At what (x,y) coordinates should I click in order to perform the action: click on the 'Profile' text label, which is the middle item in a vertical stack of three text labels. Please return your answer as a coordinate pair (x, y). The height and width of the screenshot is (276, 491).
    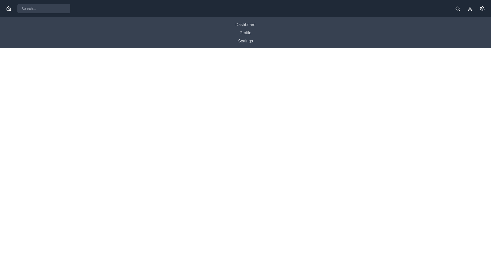
    Looking at the image, I should click on (245, 33).